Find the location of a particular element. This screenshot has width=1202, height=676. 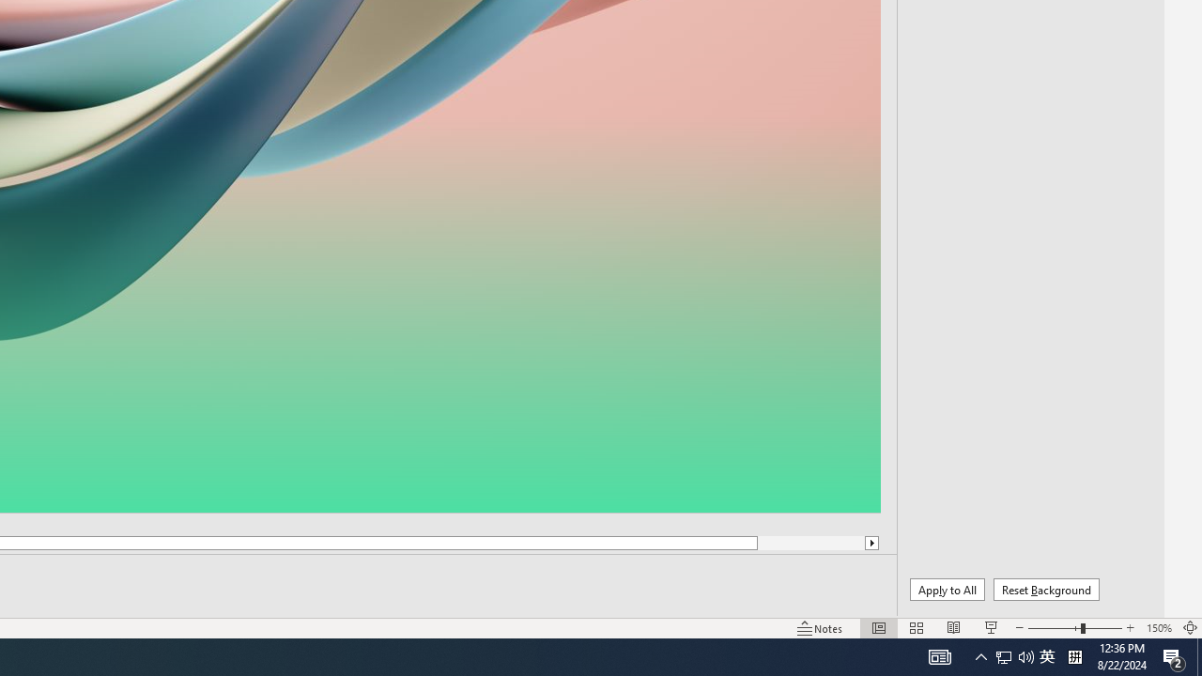

'Apply to All' is located at coordinates (948, 589).